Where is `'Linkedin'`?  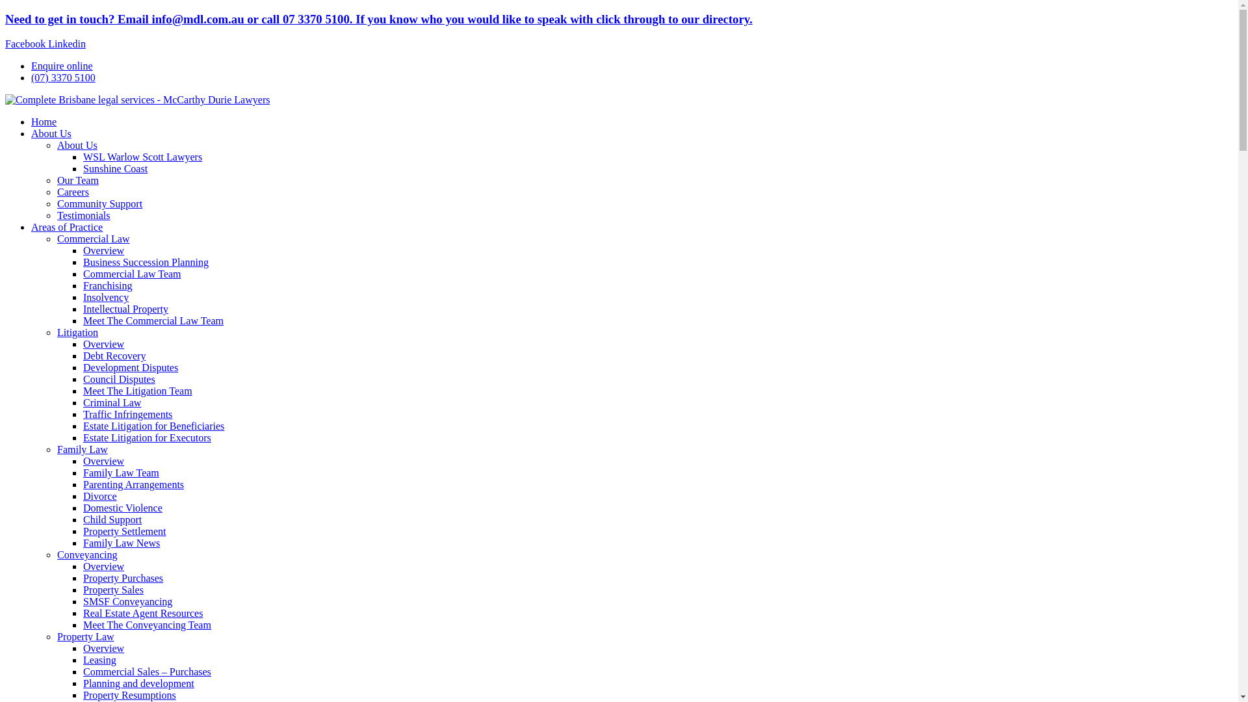
'Linkedin' is located at coordinates (66, 43).